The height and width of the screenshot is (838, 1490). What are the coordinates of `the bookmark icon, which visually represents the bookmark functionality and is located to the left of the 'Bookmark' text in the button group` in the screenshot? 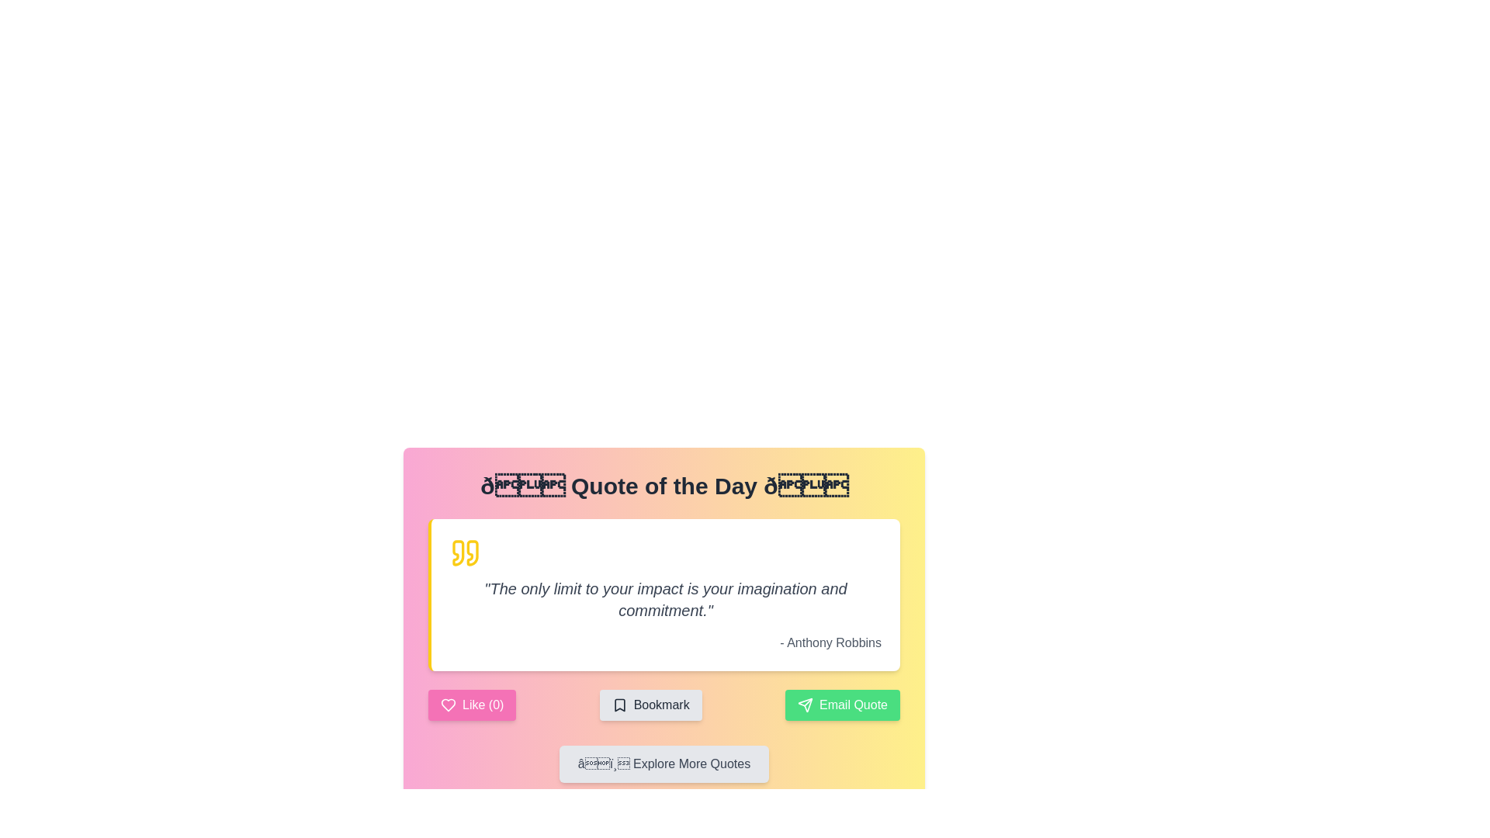 It's located at (619, 705).